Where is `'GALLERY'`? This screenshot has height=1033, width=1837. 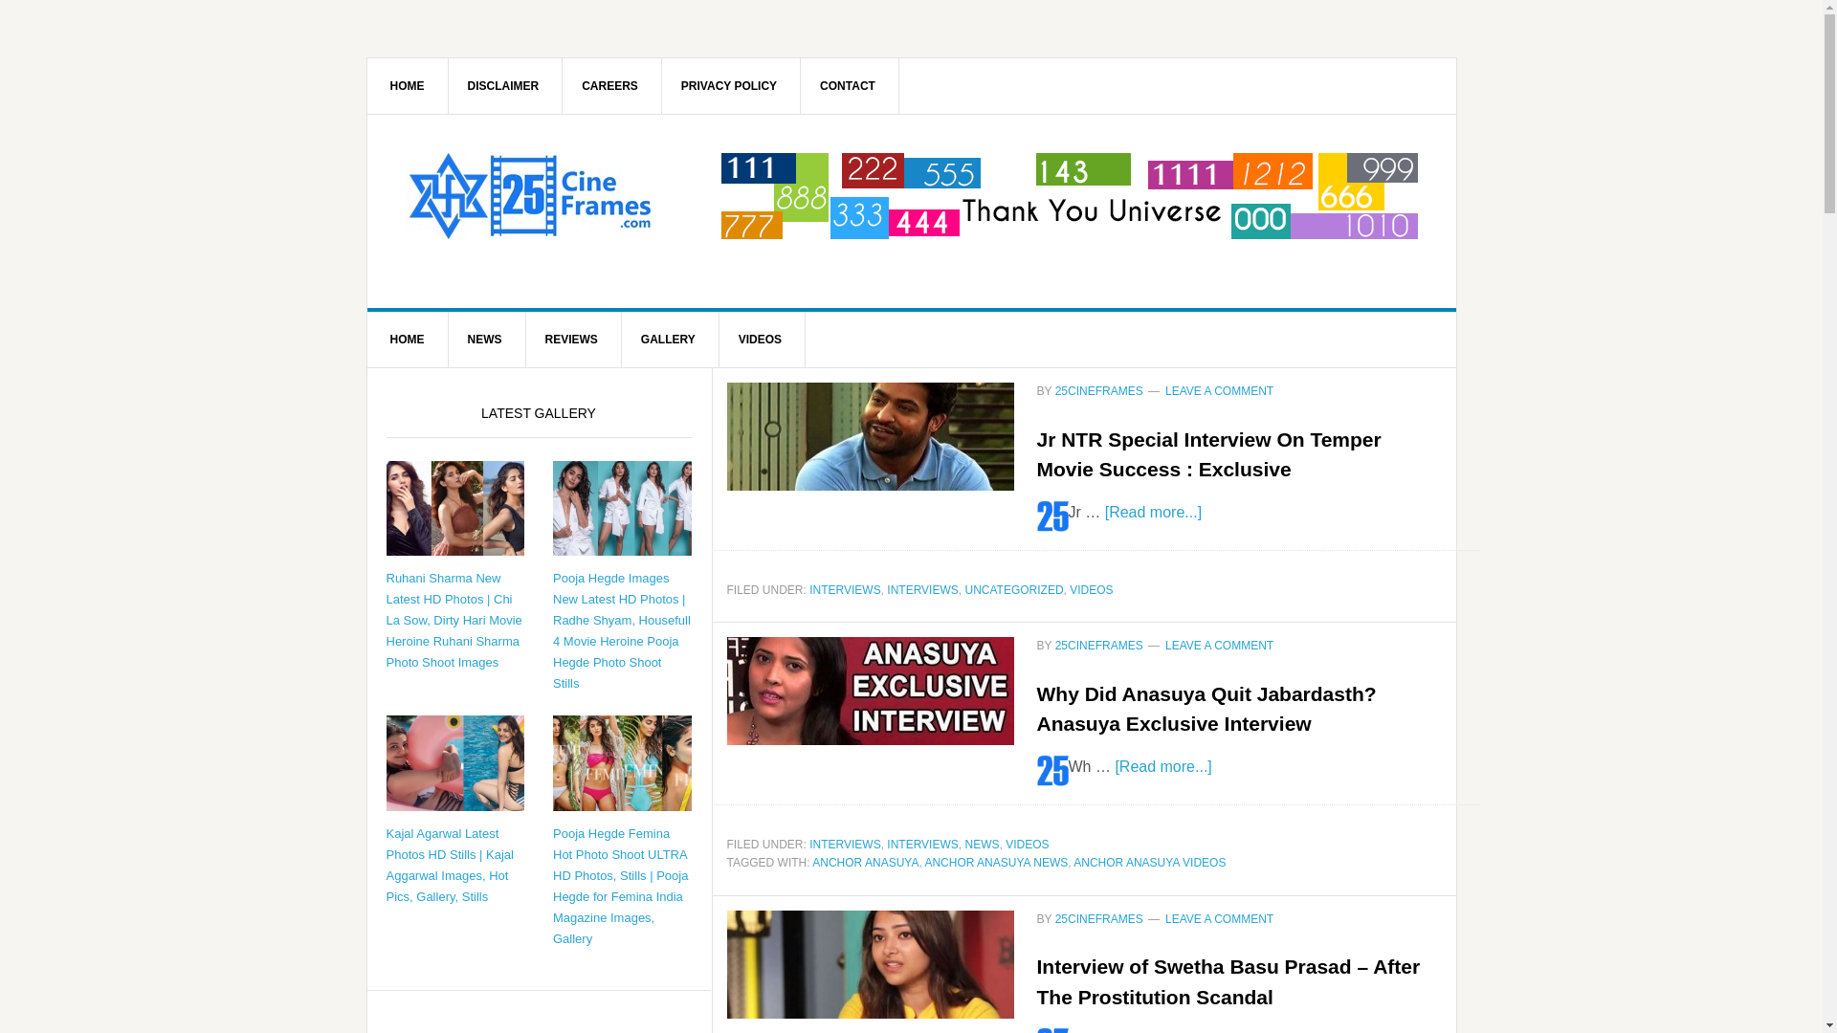
'GALLERY' is located at coordinates (618, 338).